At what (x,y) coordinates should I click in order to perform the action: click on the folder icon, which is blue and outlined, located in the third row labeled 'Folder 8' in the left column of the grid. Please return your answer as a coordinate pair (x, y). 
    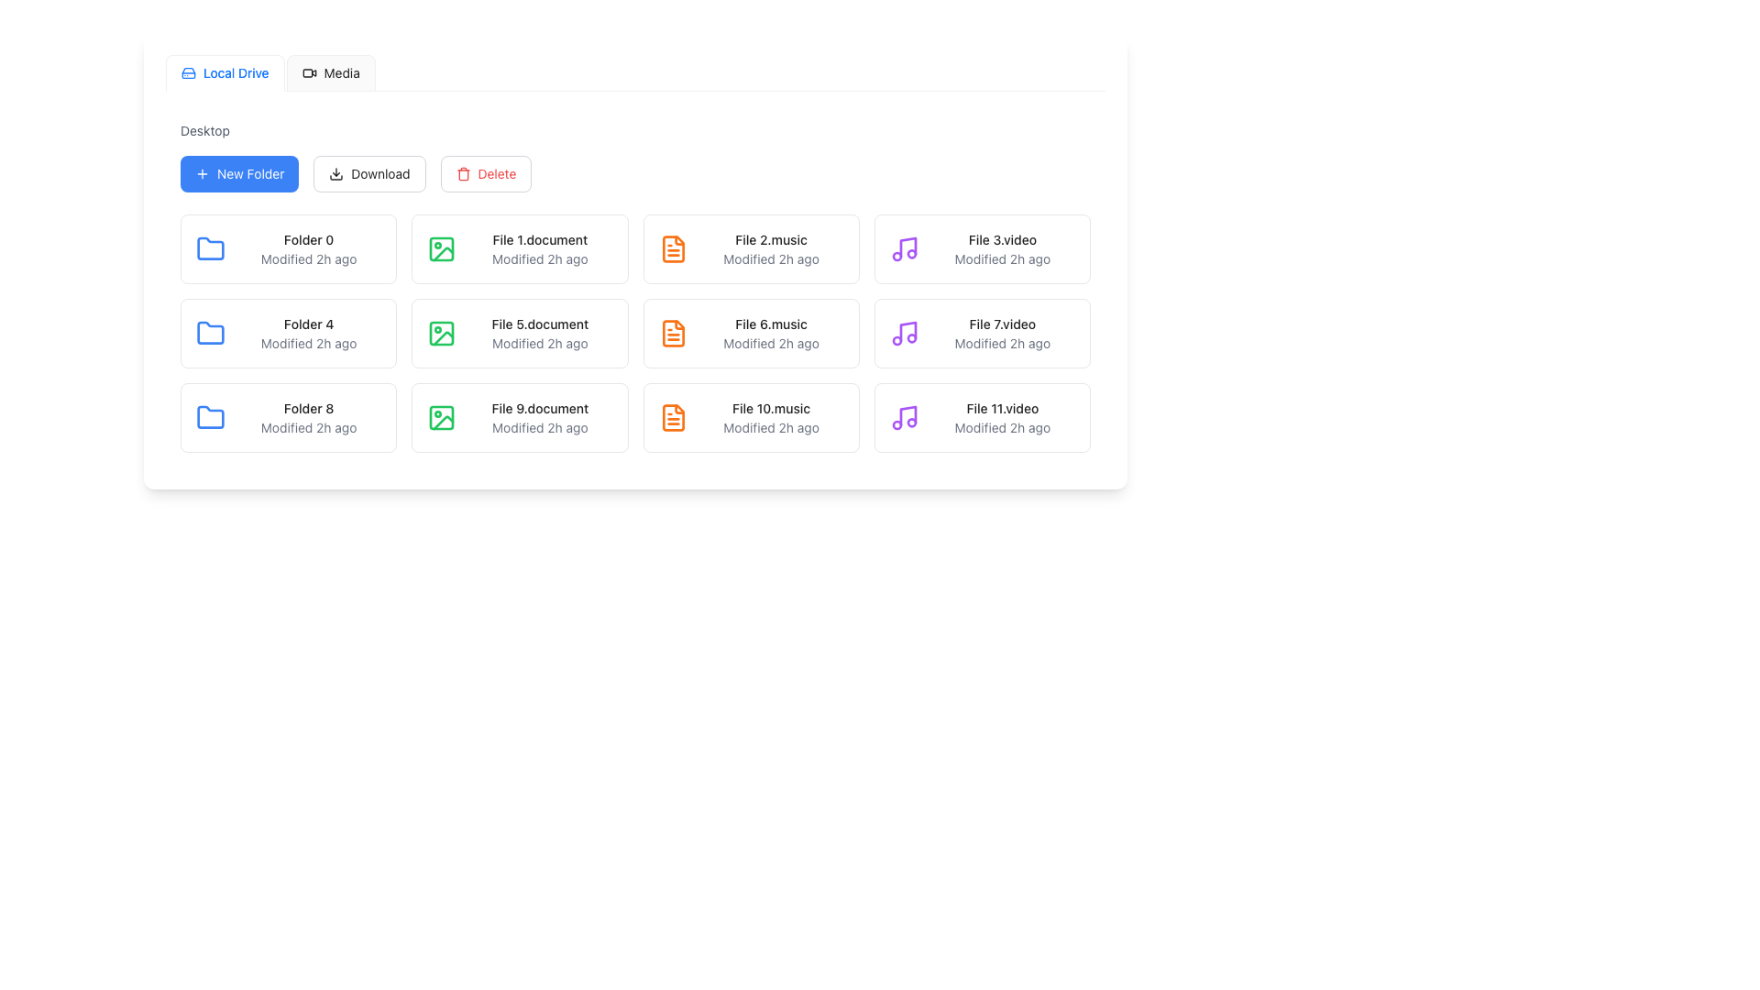
    Looking at the image, I should click on (211, 417).